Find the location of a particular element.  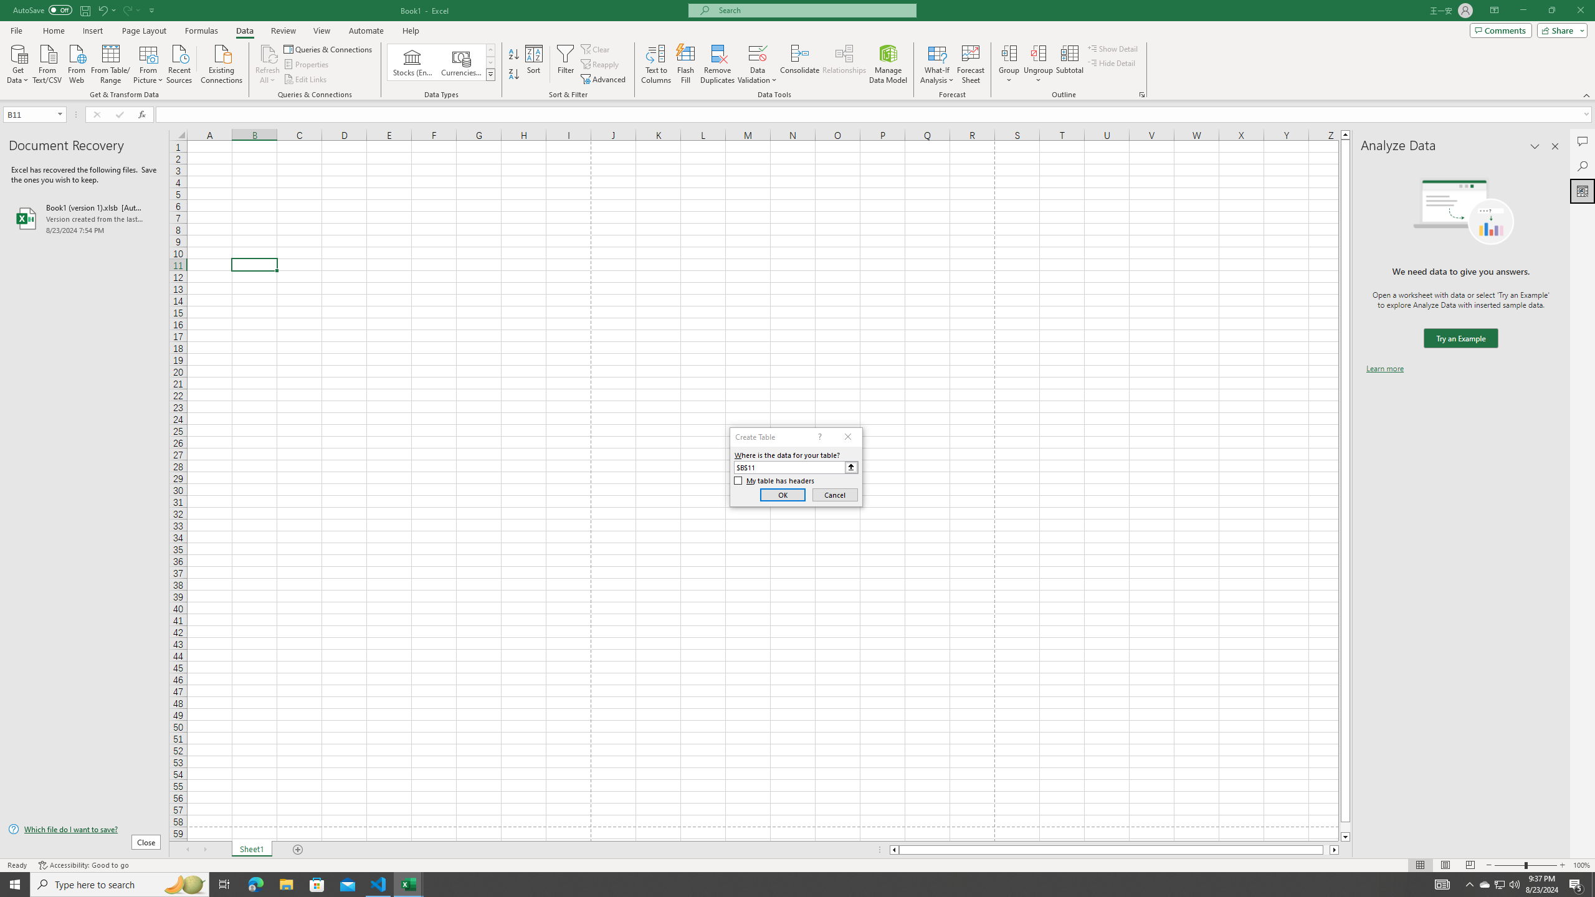

'Flash Fill' is located at coordinates (685, 64).